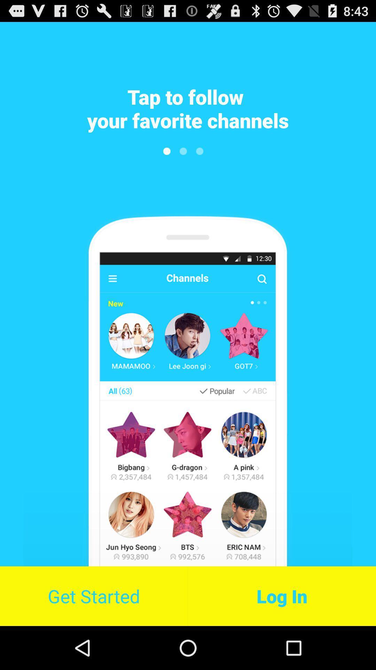  Describe the element at coordinates (93, 596) in the screenshot. I see `the get started` at that location.